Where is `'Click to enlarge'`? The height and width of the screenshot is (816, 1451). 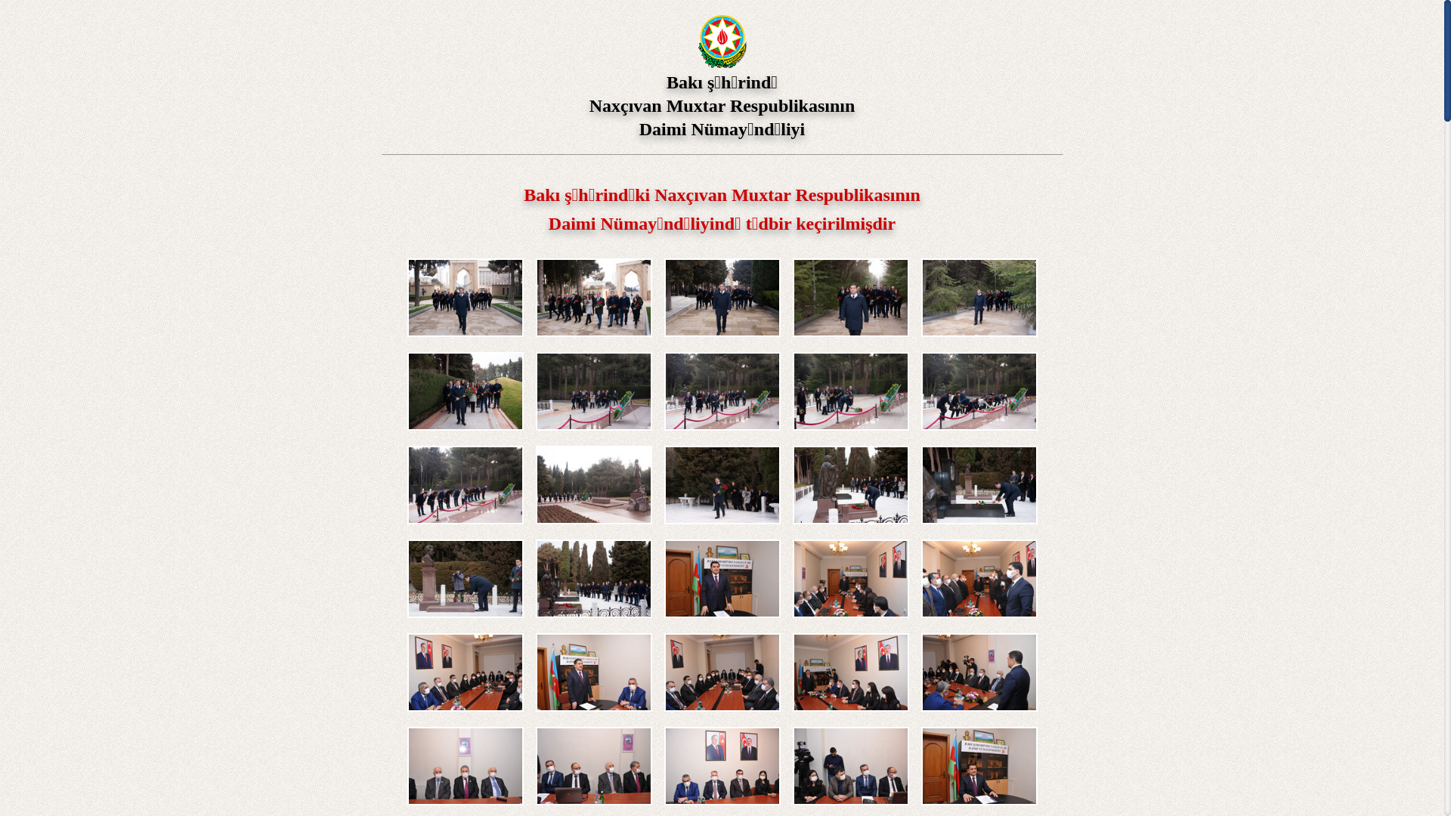
'Click to enlarge' is located at coordinates (920, 297).